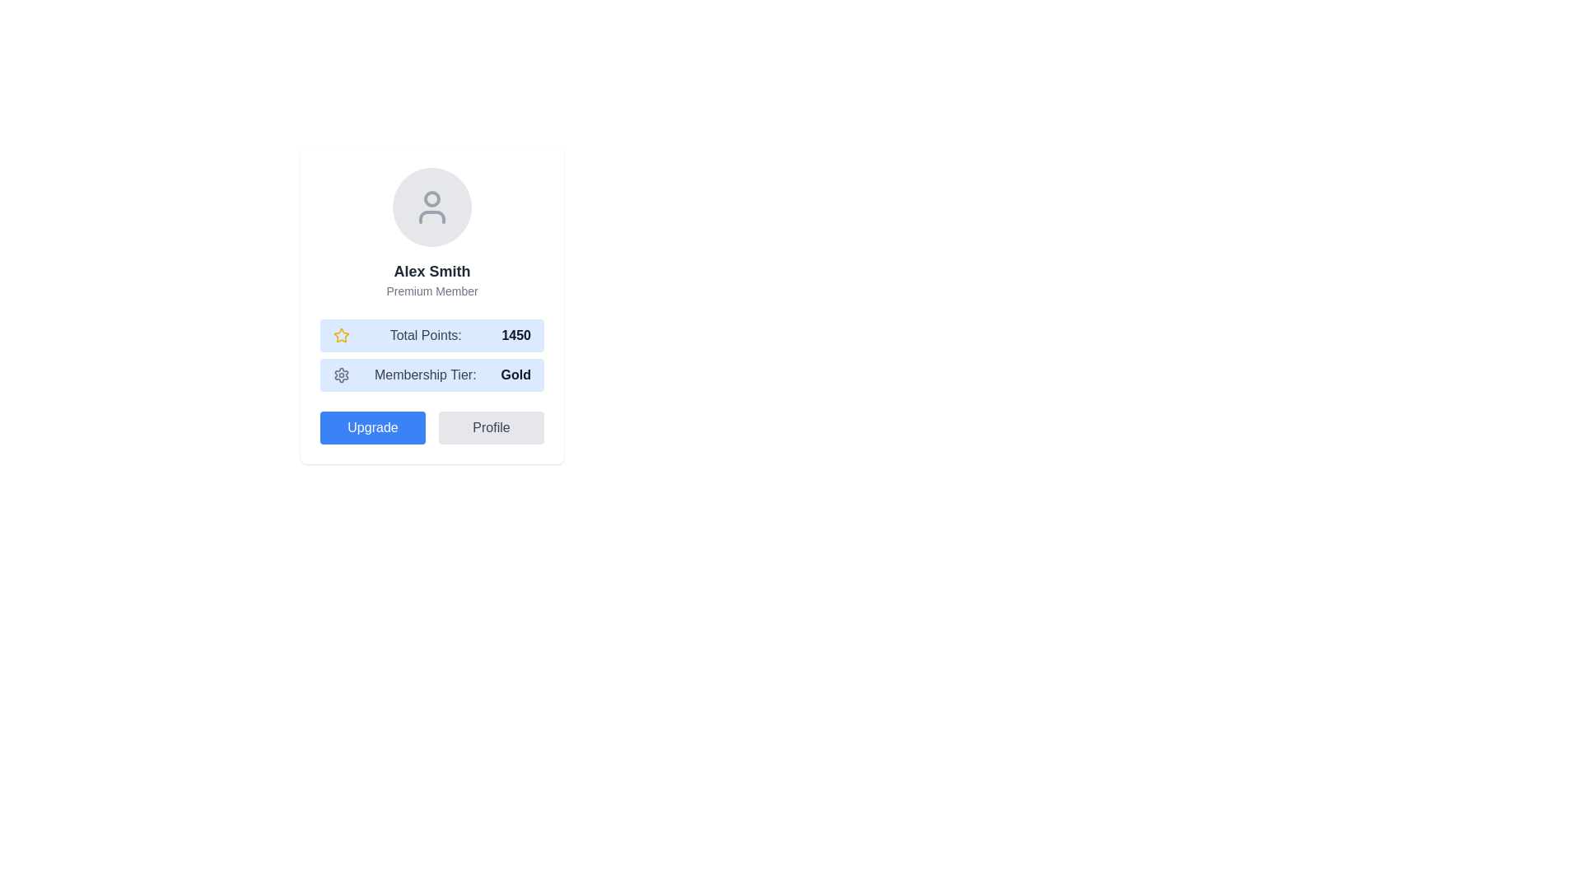 This screenshot has width=1581, height=889. I want to click on the Profile Display Section, which shows the user's name, membership level, and profile picture, located at the top-center of the interface, so click(431, 234).